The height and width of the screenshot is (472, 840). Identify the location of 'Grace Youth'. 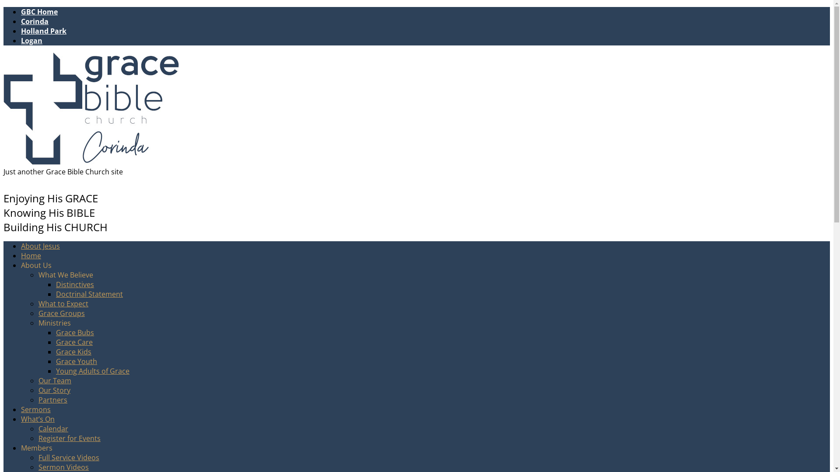
(76, 361).